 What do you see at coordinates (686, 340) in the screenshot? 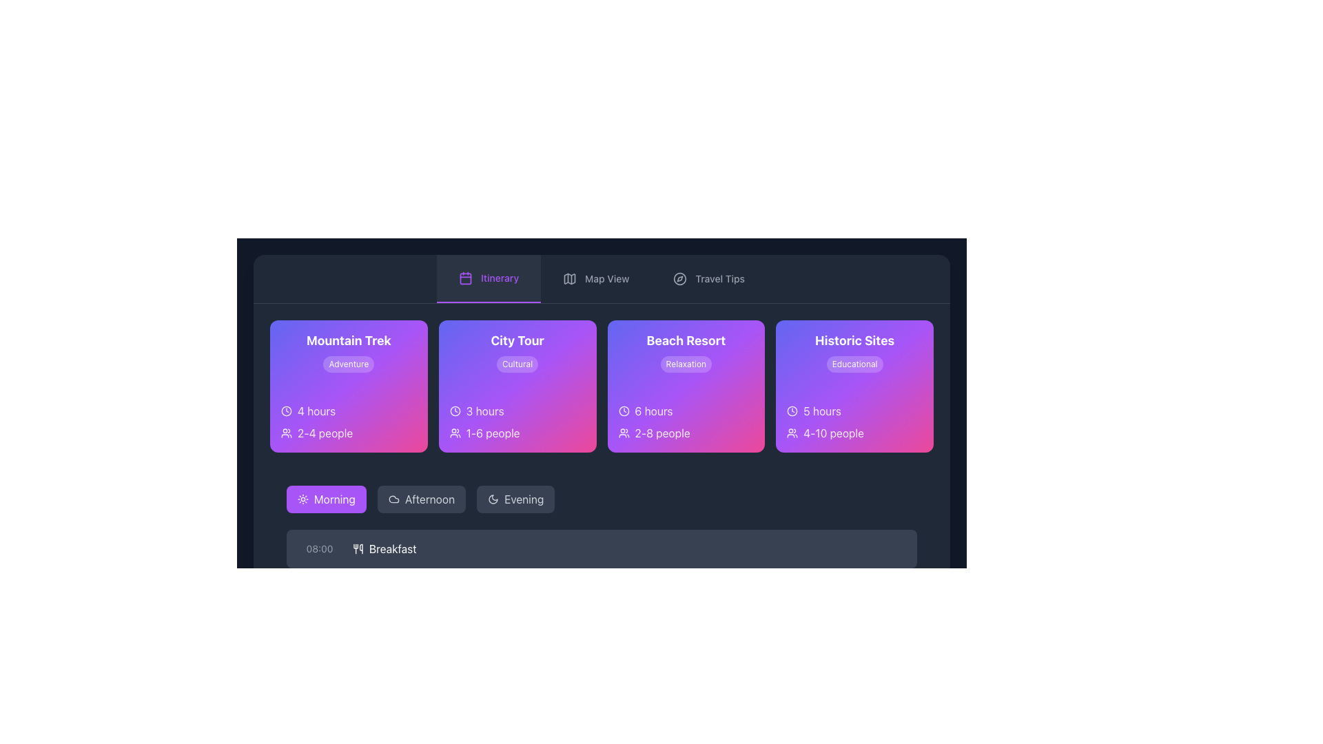
I see `the Text Label that serves as the title for the 'Beach Resort' option, located at the center of the third card from the left, positioned between the 'City Tour' and 'Historic Sites' cards` at bounding box center [686, 340].